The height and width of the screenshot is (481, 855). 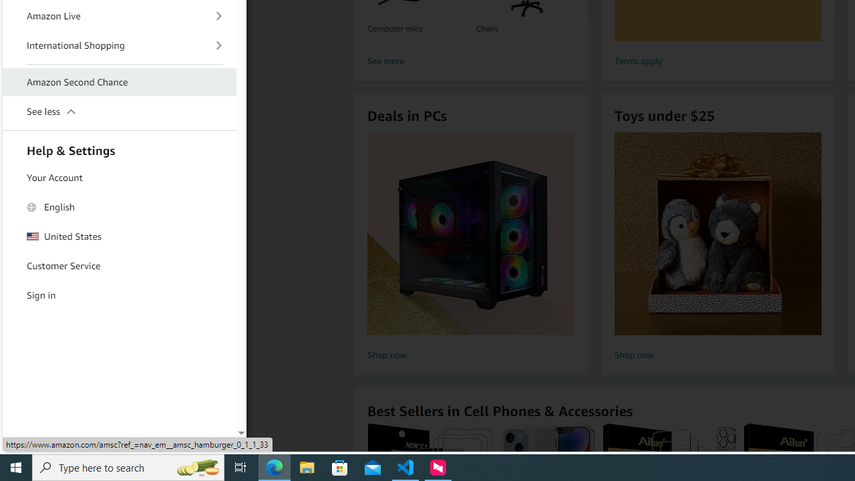 What do you see at coordinates (120, 82) in the screenshot?
I see `'Amazon Second Chance'` at bounding box center [120, 82].